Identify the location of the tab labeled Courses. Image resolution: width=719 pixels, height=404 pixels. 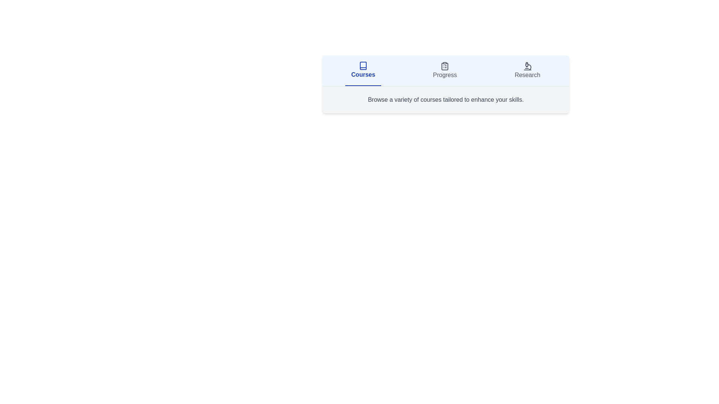
(363, 71).